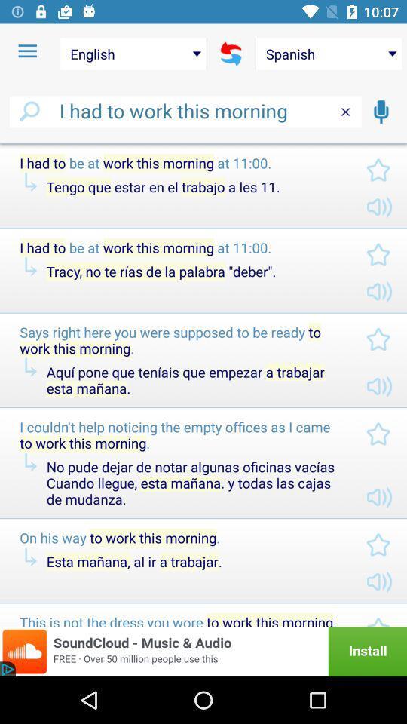 This screenshot has width=407, height=724. What do you see at coordinates (345, 111) in the screenshot?
I see `clear field` at bounding box center [345, 111].